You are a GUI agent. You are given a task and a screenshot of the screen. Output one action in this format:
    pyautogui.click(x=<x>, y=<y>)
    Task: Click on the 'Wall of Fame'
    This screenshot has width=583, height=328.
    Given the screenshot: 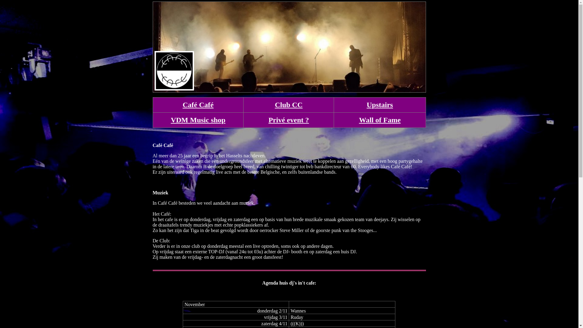 What is the action you would take?
    pyautogui.click(x=359, y=120)
    